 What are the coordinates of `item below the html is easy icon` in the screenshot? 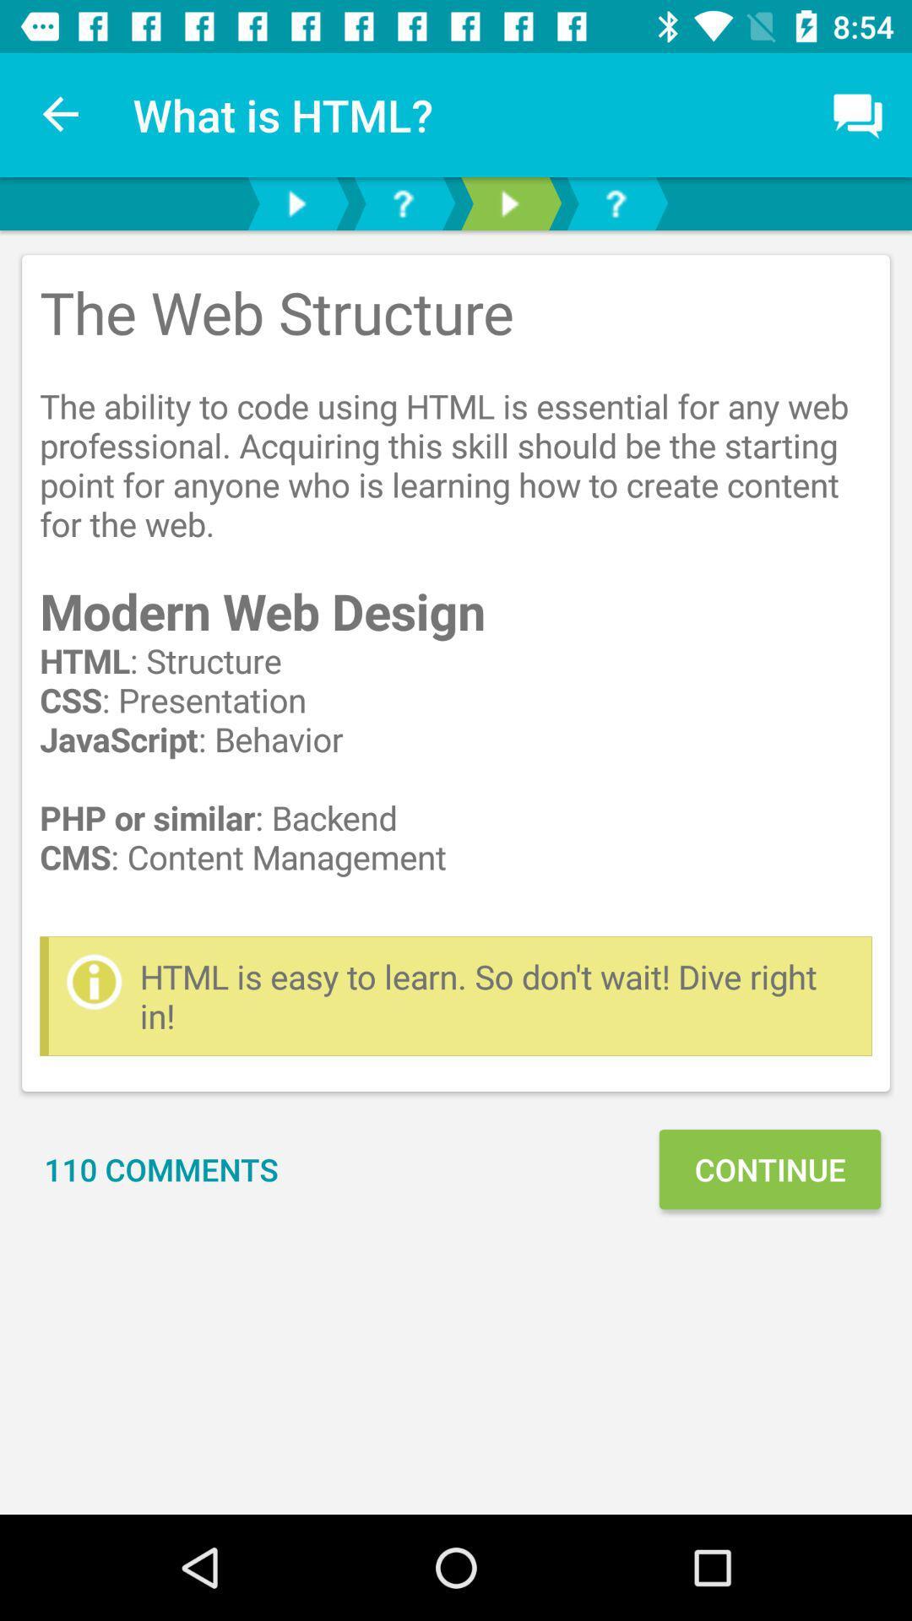 It's located at (769, 1168).